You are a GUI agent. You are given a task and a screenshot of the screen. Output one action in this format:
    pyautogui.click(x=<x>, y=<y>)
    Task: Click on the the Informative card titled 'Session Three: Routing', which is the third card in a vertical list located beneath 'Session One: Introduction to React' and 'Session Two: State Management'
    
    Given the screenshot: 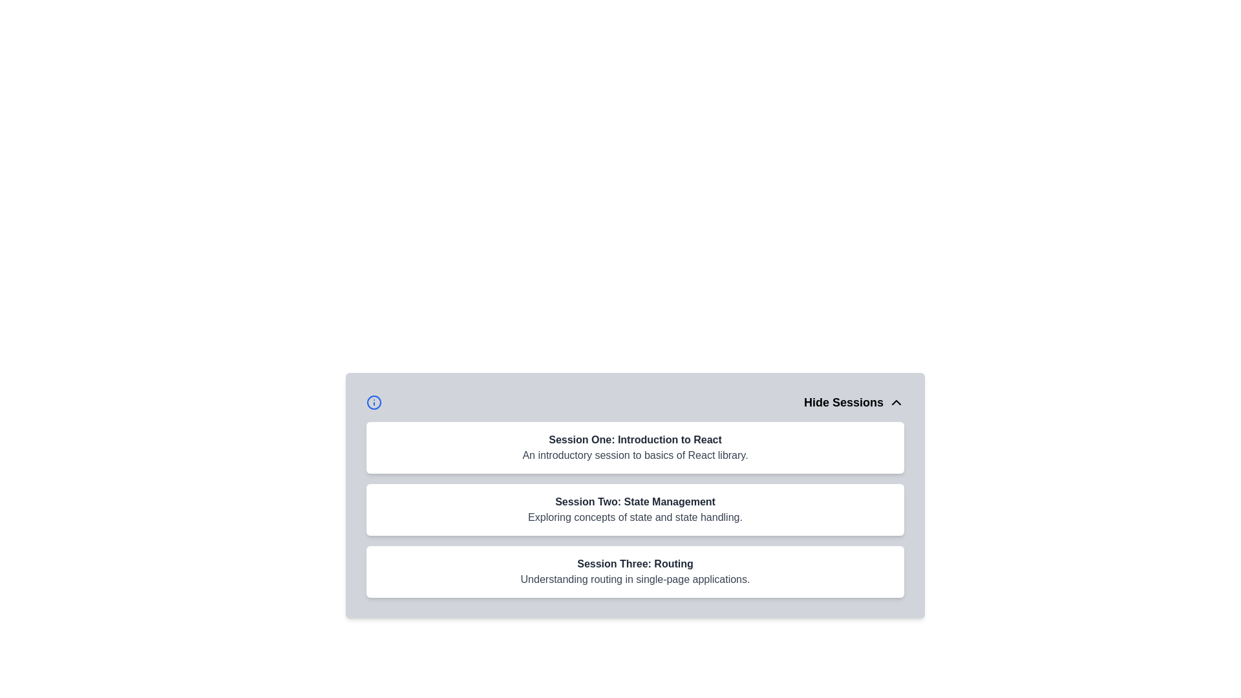 What is the action you would take?
    pyautogui.click(x=635, y=571)
    